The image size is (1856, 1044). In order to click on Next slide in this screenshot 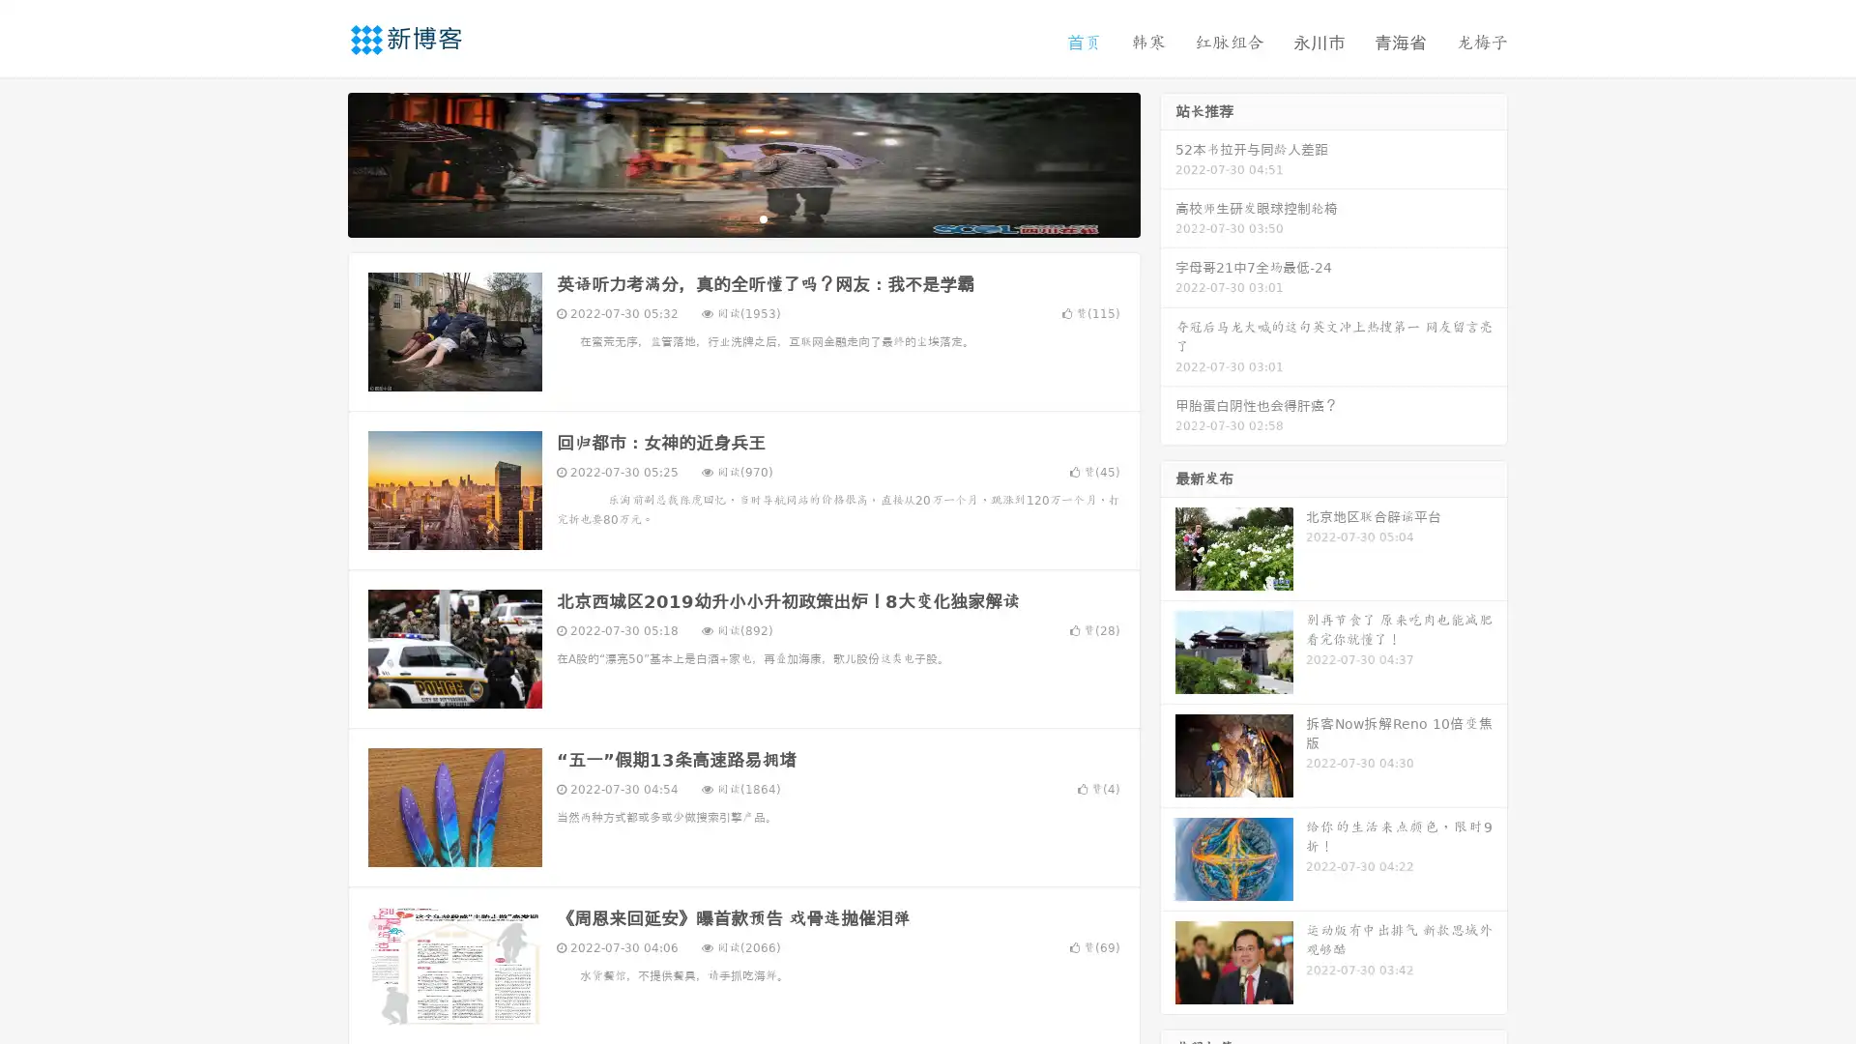, I will do `click(1168, 162)`.